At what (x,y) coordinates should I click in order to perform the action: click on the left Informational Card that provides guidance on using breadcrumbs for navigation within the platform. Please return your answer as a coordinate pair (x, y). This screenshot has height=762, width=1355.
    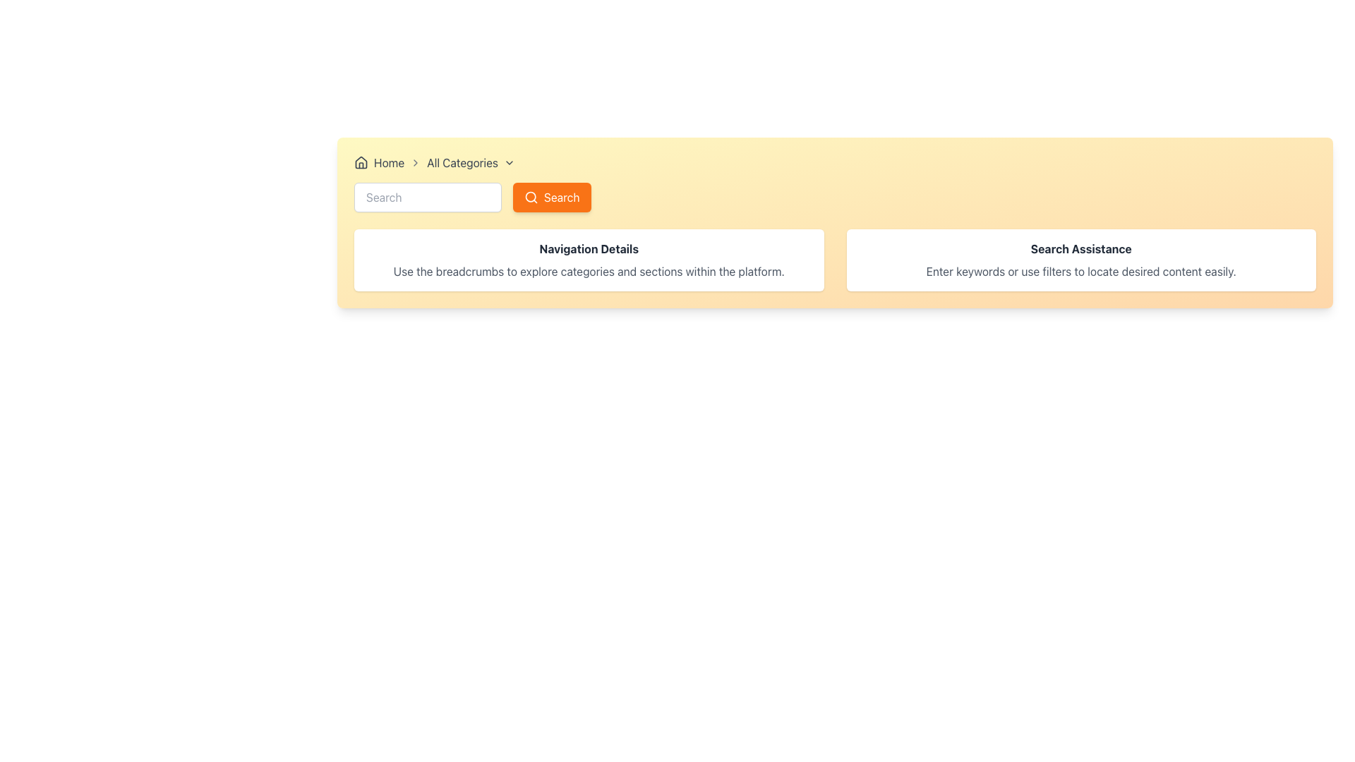
    Looking at the image, I should click on (589, 260).